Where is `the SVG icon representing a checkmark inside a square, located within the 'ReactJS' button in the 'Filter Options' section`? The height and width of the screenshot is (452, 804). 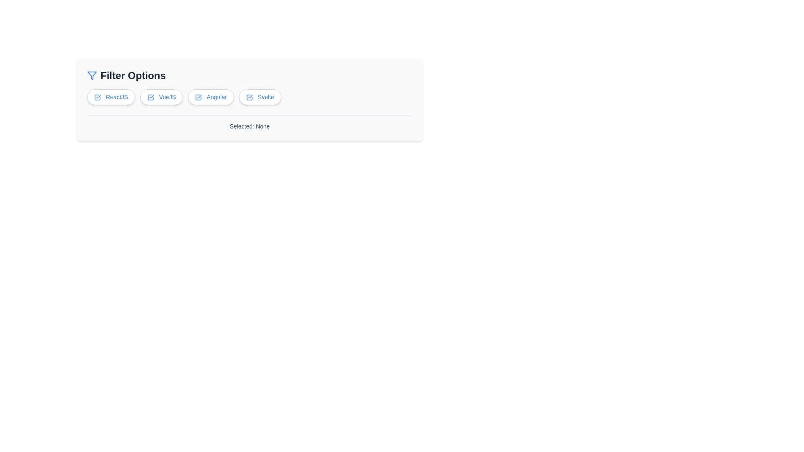
the SVG icon representing a checkmark inside a square, located within the 'ReactJS' button in the 'Filter Options' section is located at coordinates (98, 97).